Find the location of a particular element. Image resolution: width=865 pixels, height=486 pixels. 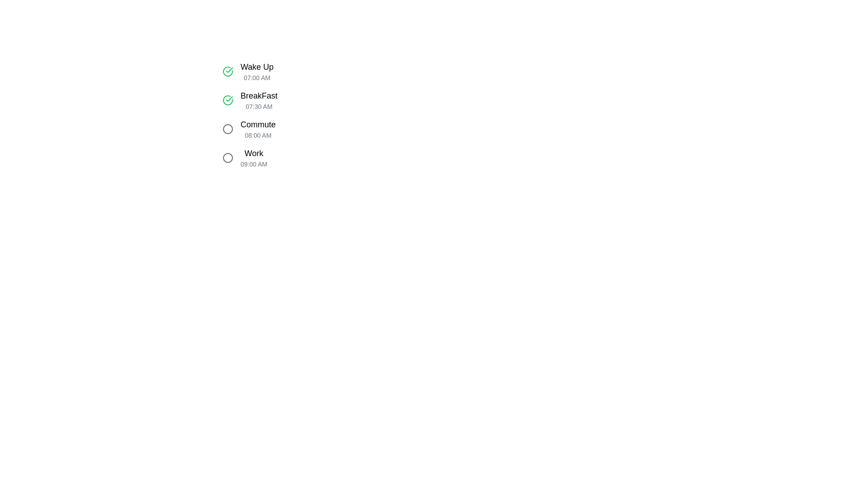

the task completion icon associated with 'BreakFast', which is located to the left of the text 'BreakFast' and '07:30 AM' is located at coordinates (228, 100).